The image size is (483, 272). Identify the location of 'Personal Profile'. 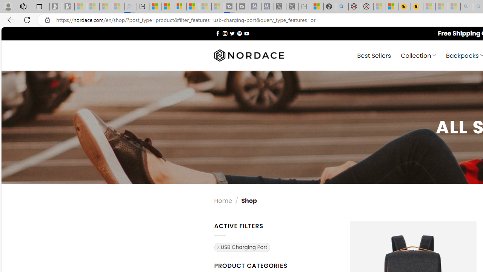
(8, 6).